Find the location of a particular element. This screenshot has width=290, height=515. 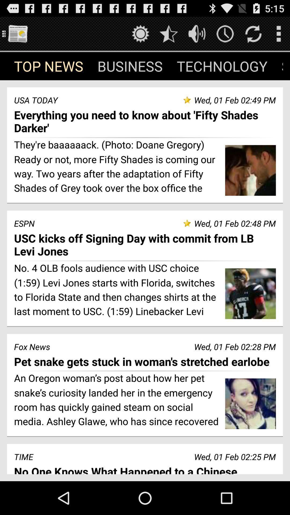

image of first news article is located at coordinates (251, 170).